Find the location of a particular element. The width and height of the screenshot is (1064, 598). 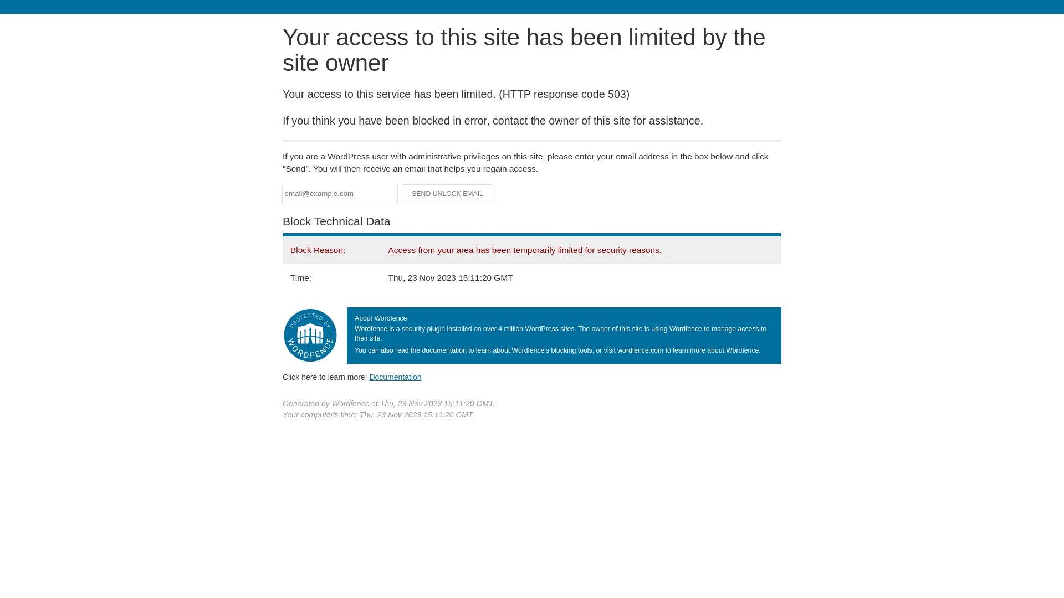

'Send Unlock Email' is located at coordinates (447, 193).